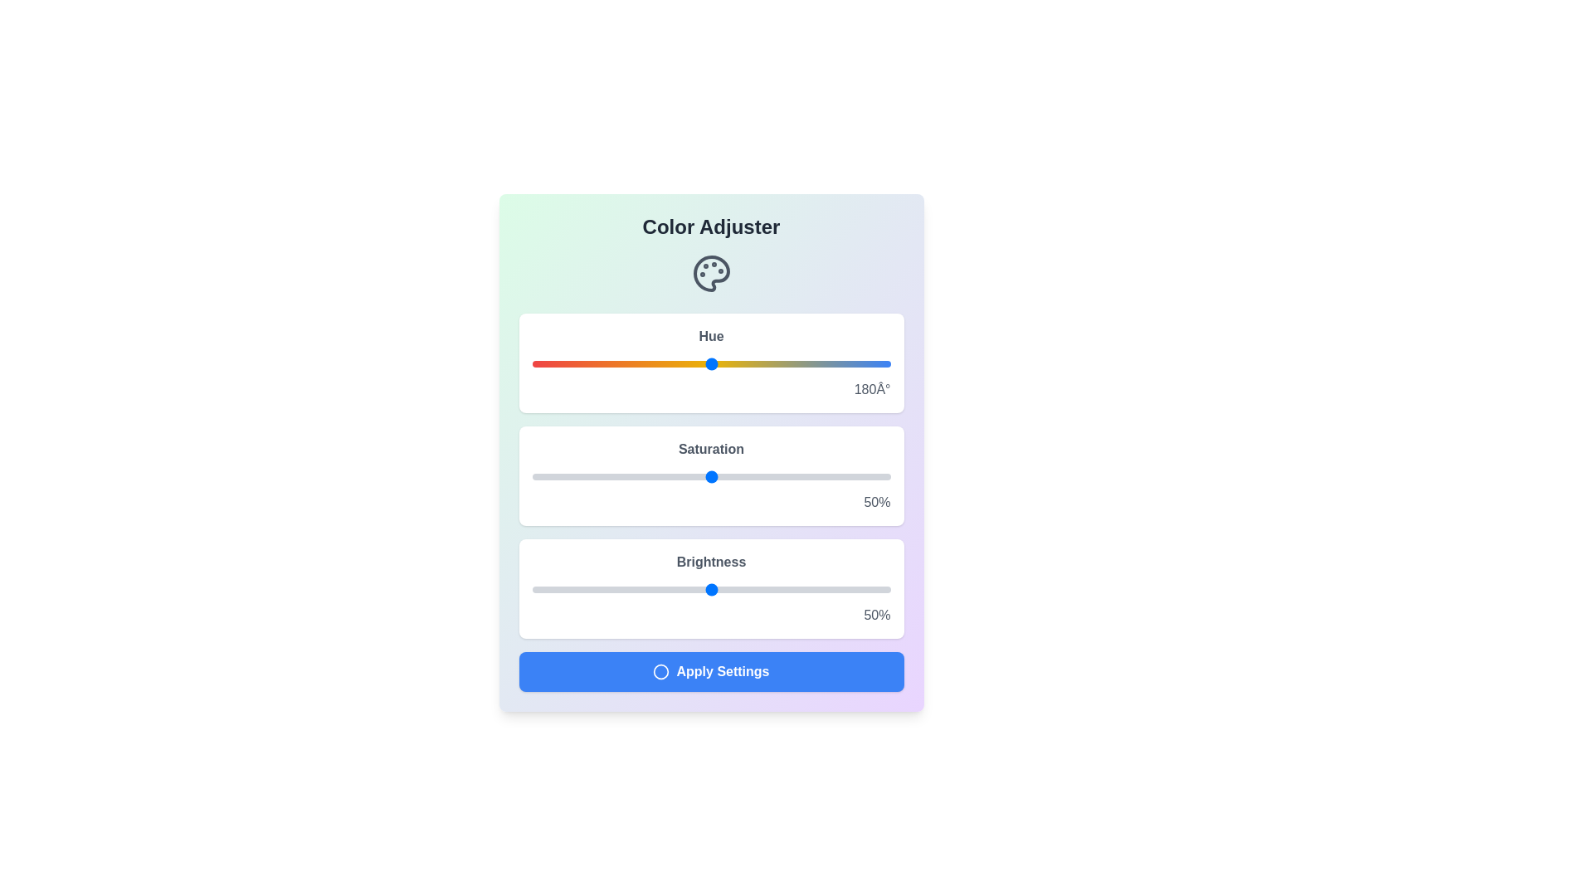 This screenshot has width=1593, height=896. What do you see at coordinates (757, 588) in the screenshot?
I see `the brightness slider to 63% by dragging the slider to the corresponding position` at bounding box center [757, 588].